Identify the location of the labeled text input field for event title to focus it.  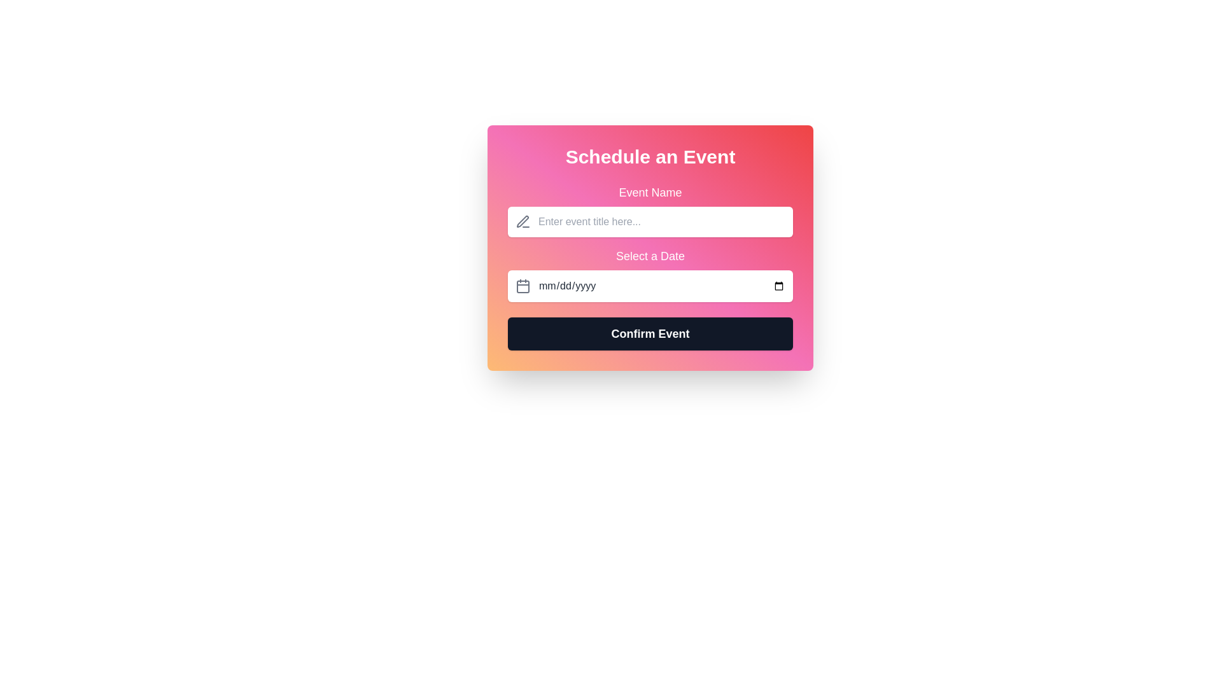
(650, 210).